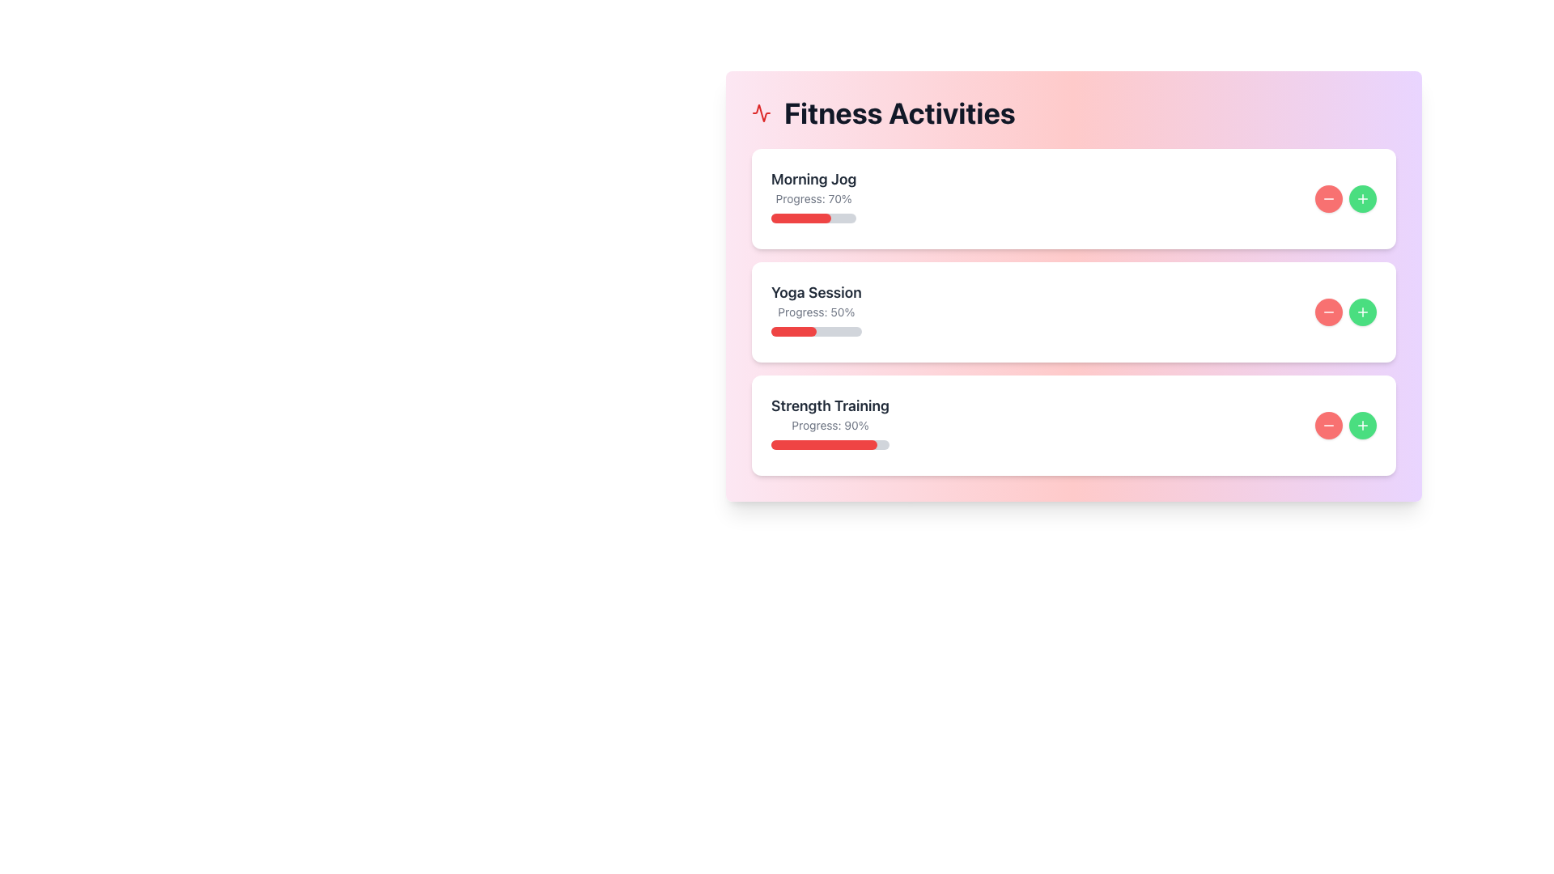 The width and height of the screenshot is (1554, 874). What do you see at coordinates (830, 445) in the screenshot?
I see `the visual progress indication of the Progress Bar located within the third card labeled 'Strength Training', situated directly below the text 'Progress: 90%'` at bounding box center [830, 445].